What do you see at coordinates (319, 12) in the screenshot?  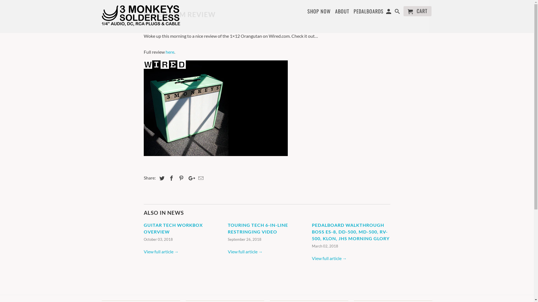 I see `'SHOP NOW'` at bounding box center [319, 12].